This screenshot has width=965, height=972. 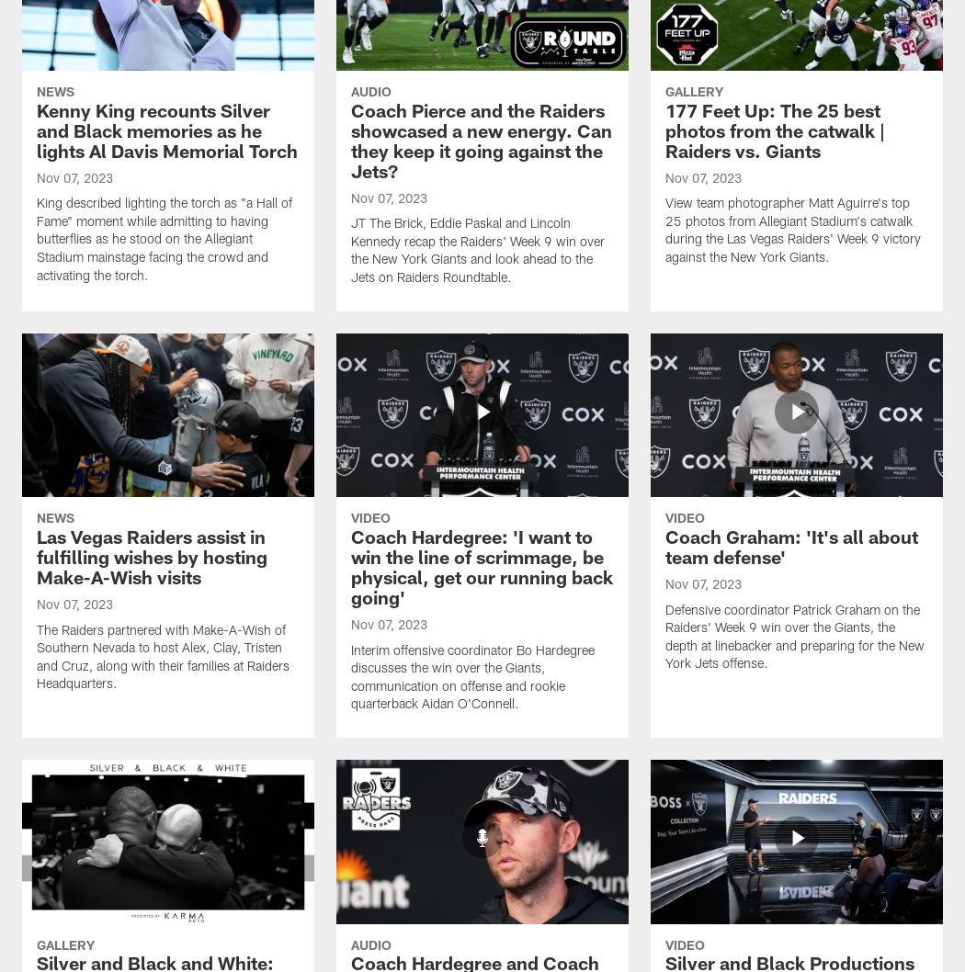 I want to click on 'Las Vegas Raiders assist in fulfilling wishes by hosting Make-A-Wish visits', so click(x=152, y=559).